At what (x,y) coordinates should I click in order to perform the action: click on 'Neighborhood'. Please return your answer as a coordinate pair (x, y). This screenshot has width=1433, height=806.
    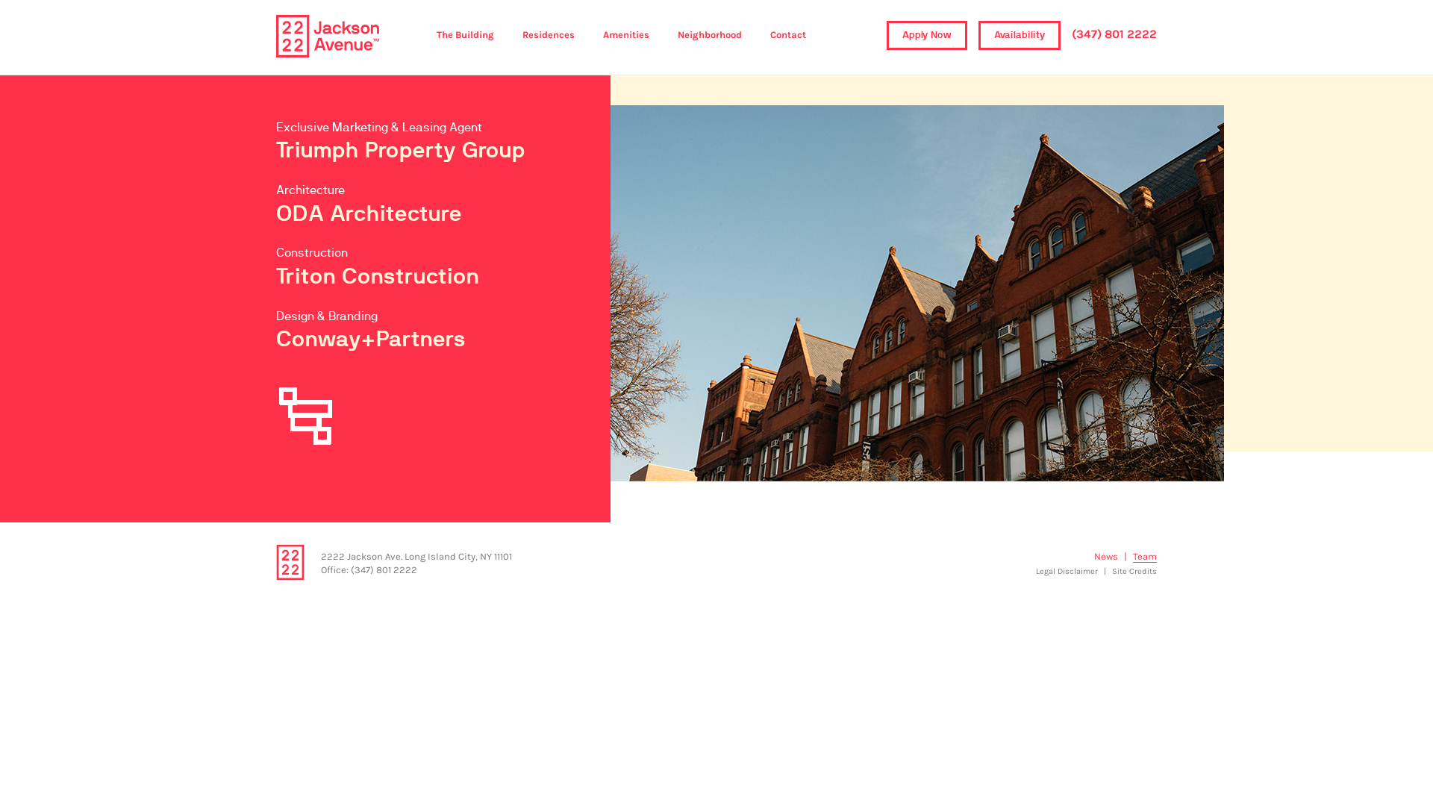
    Looking at the image, I should click on (708, 34).